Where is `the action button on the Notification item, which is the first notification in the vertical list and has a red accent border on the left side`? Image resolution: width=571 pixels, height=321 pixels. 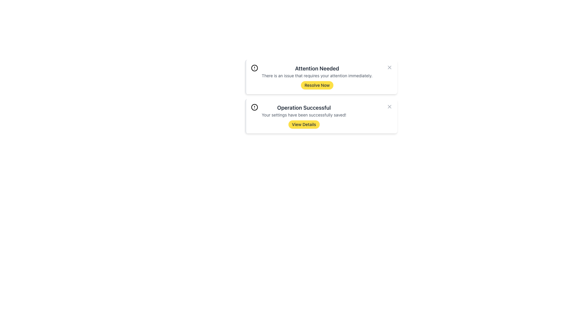 the action button on the Notification item, which is the first notification in the vertical list and has a red accent border on the left side is located at coordinates (317, 76).